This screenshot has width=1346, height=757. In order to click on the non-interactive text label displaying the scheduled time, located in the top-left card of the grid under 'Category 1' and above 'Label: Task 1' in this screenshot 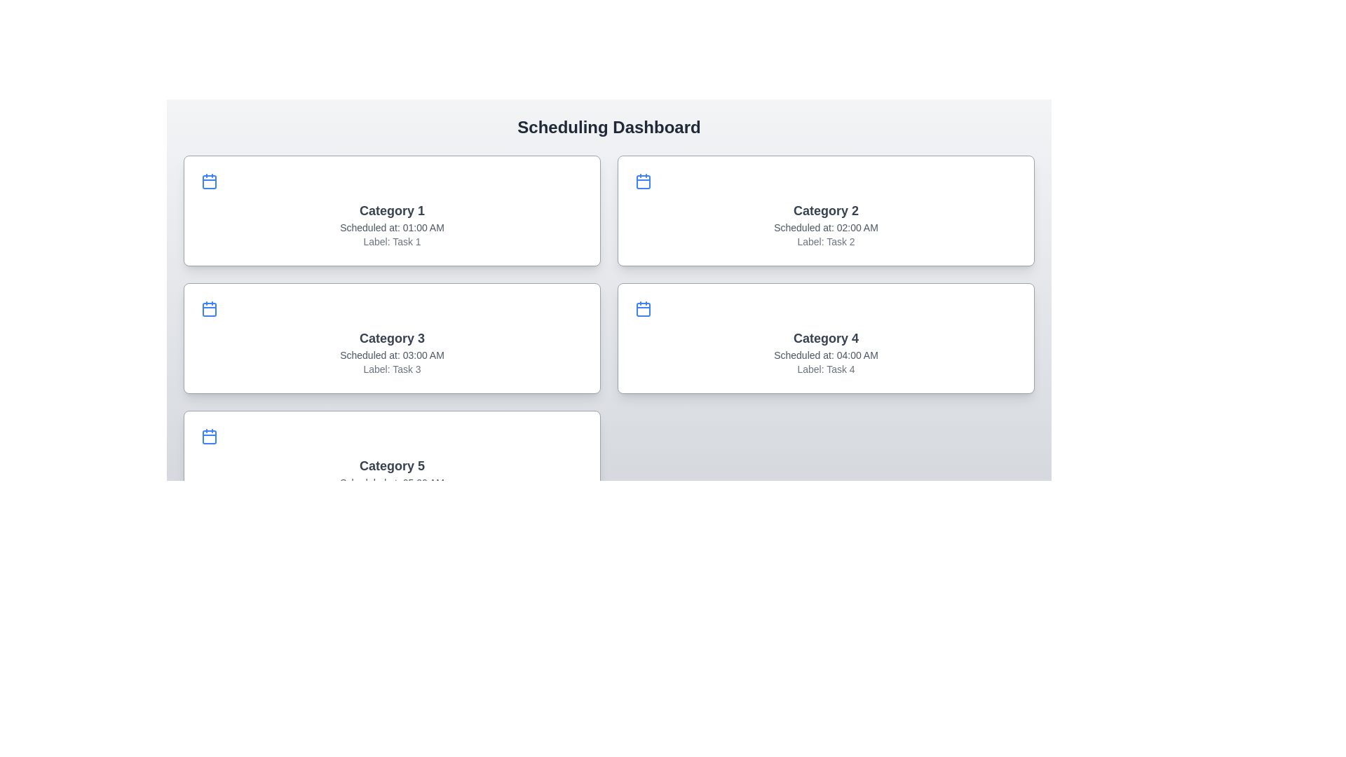, I will do `click(392, 226)`.